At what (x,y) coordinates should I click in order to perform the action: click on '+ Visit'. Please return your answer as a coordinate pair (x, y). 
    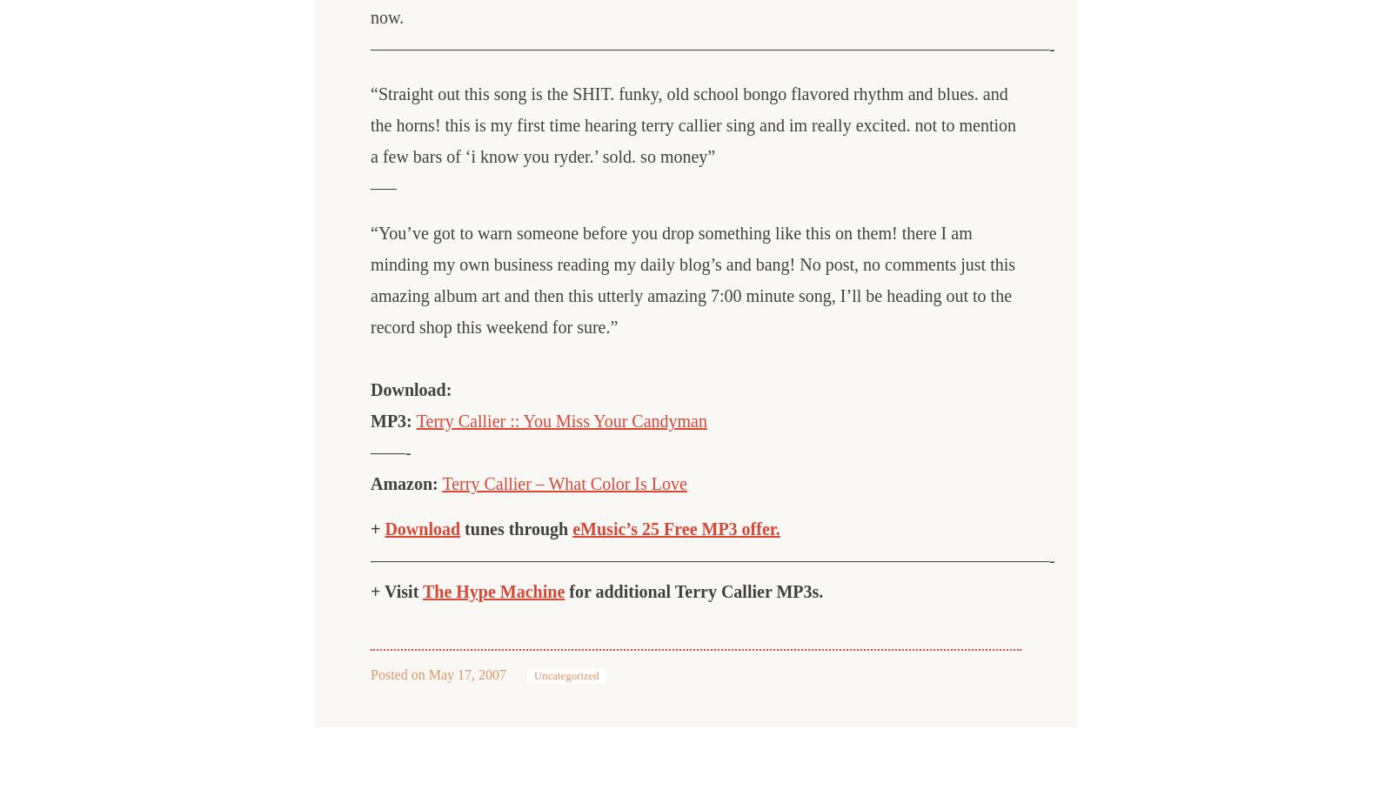
    Looking at the image, I should click on (369, 592).